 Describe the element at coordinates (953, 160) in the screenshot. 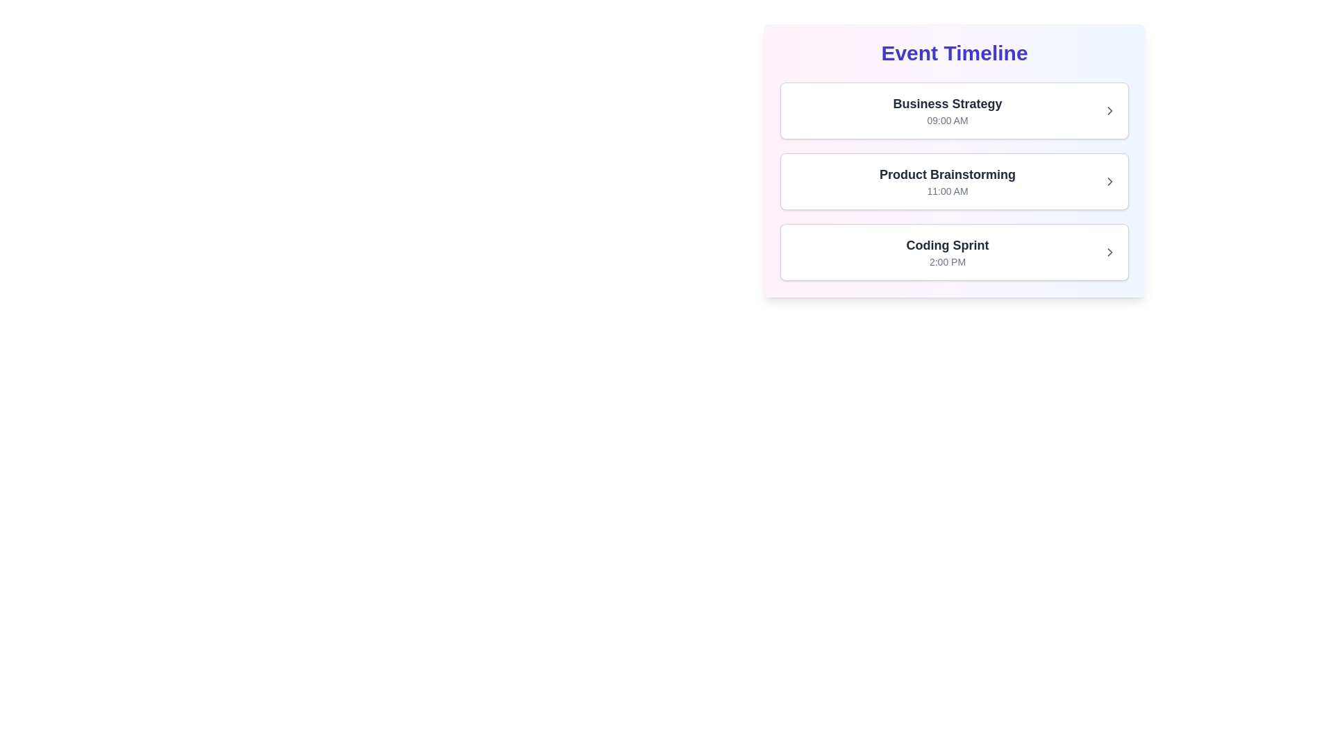

I see `the second list item in the vertical event timeline` at that location.